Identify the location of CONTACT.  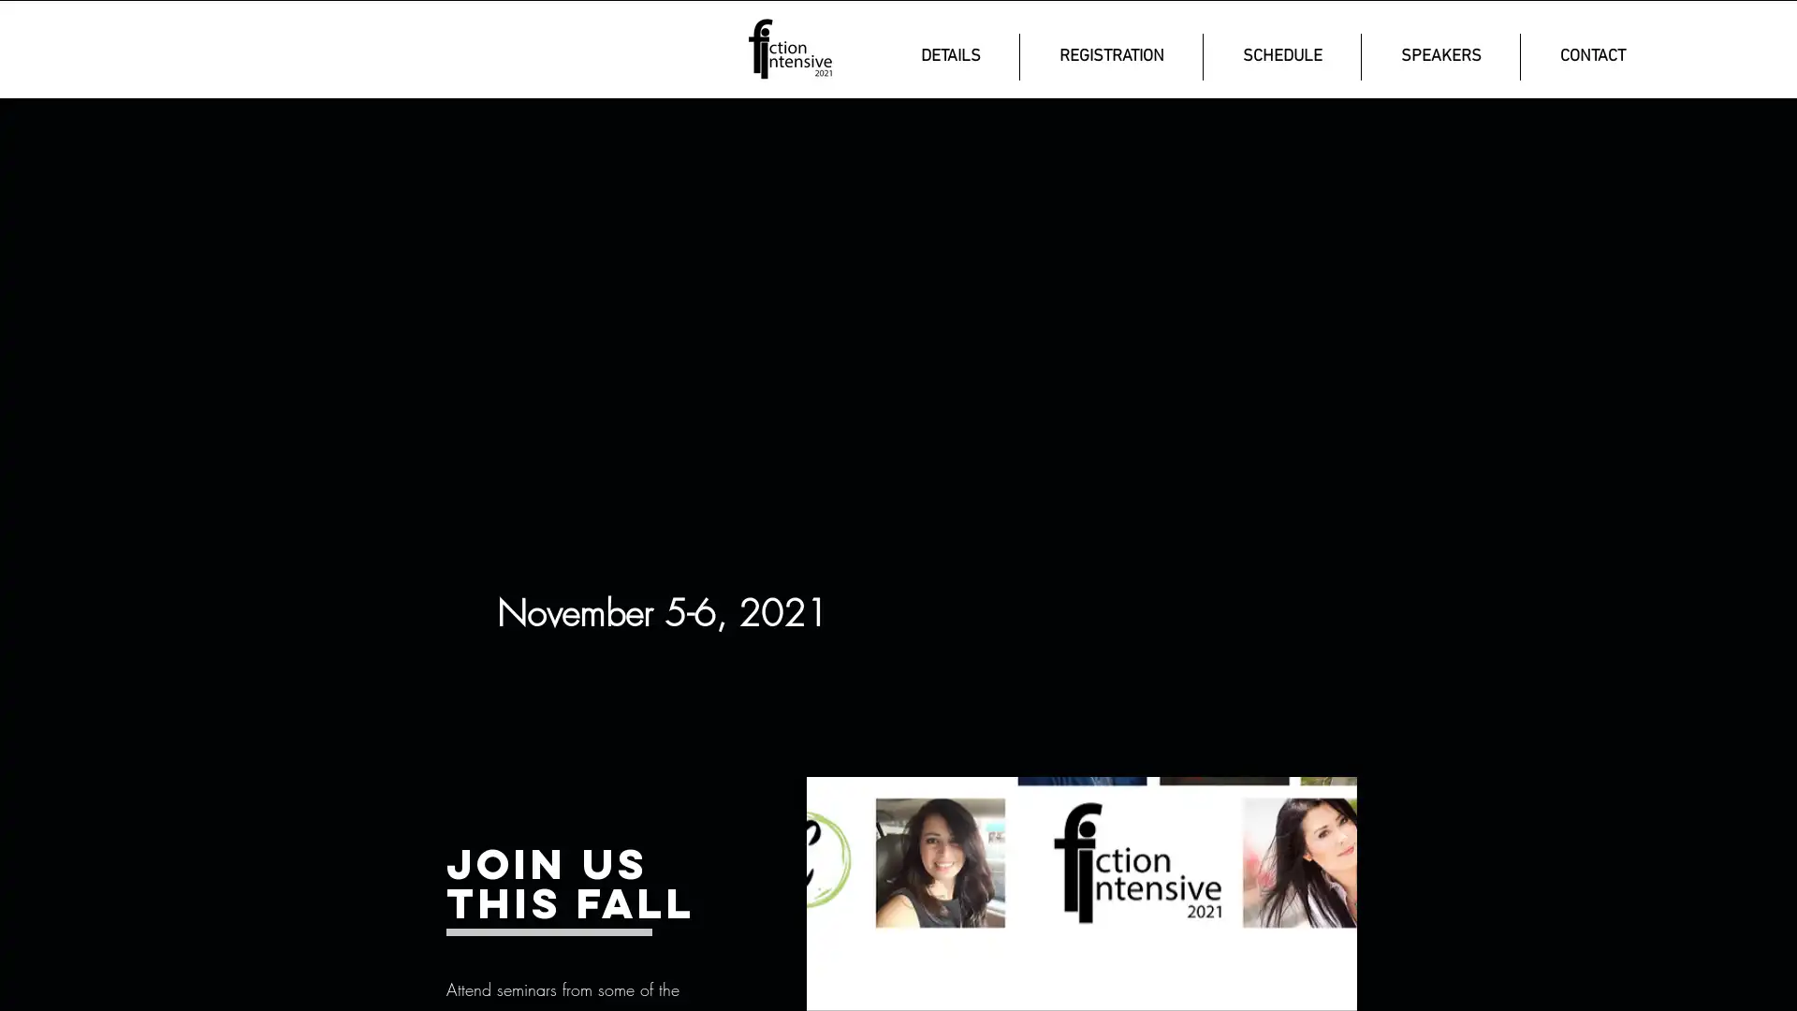
(1591, 56).